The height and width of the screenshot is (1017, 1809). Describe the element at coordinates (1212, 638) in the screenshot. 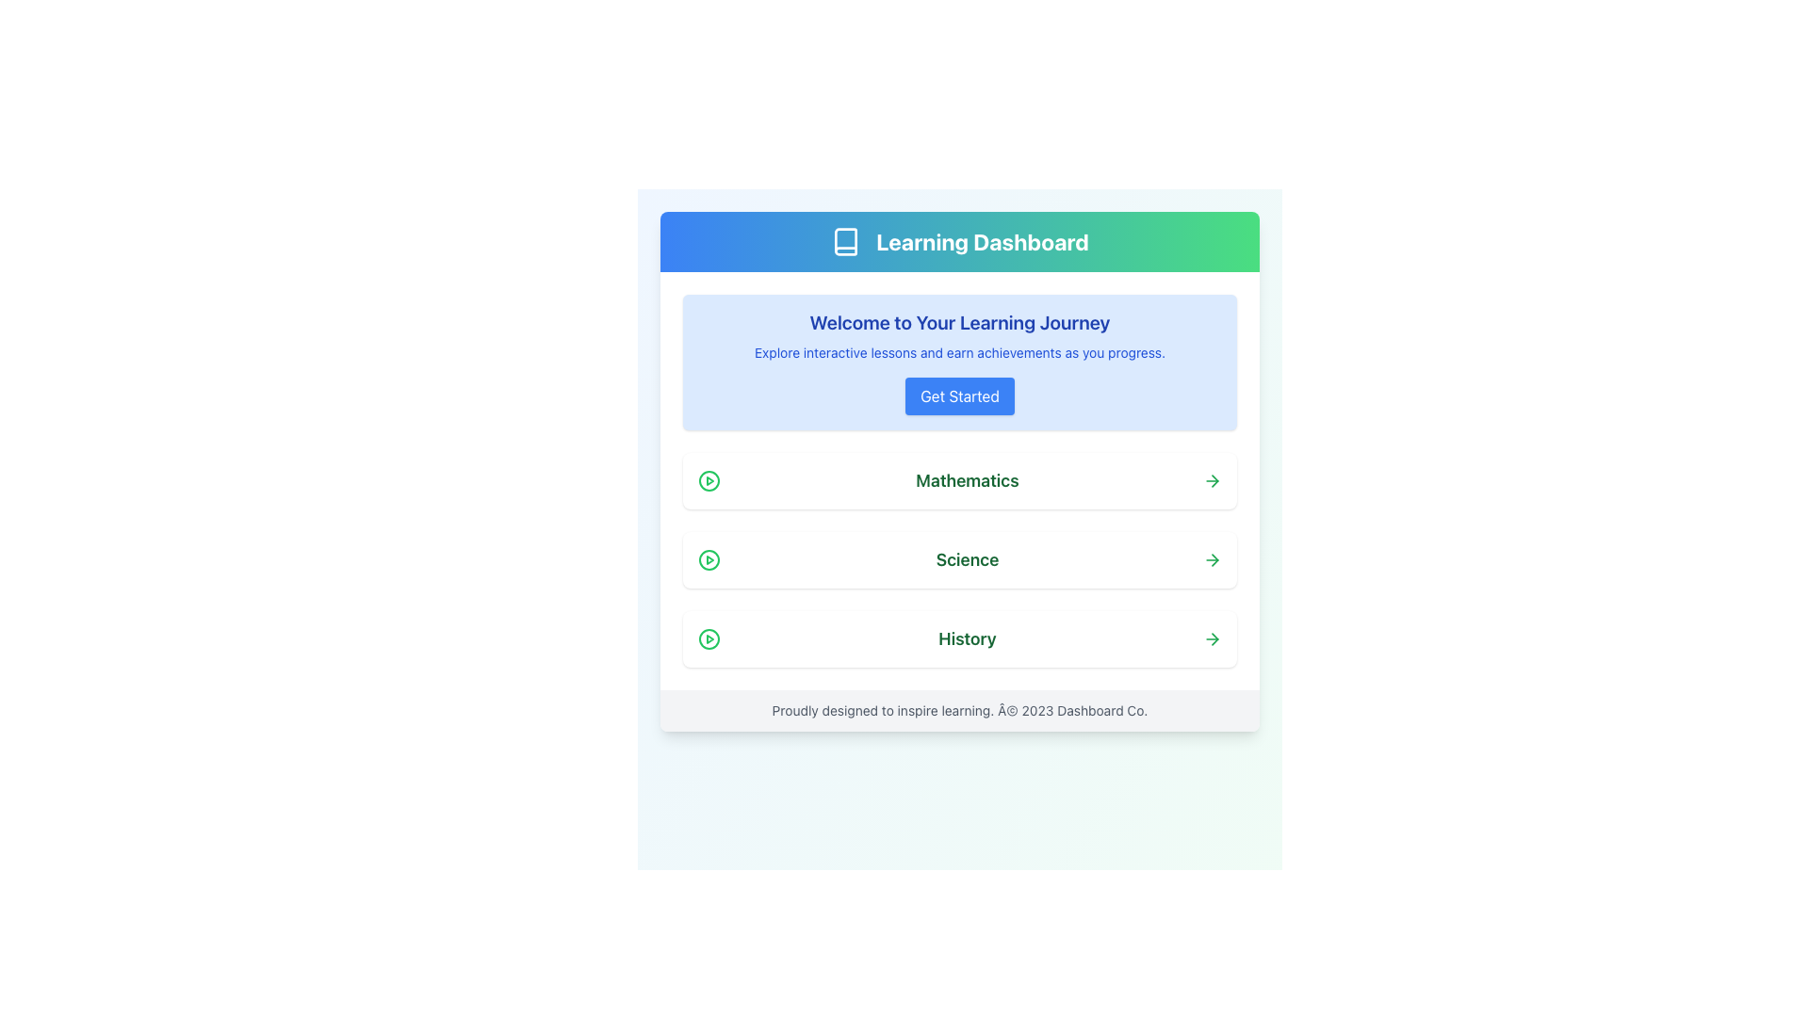

I see `the arrow icon located at the rightmost position of the third row, aligned with 'History'` at that location.